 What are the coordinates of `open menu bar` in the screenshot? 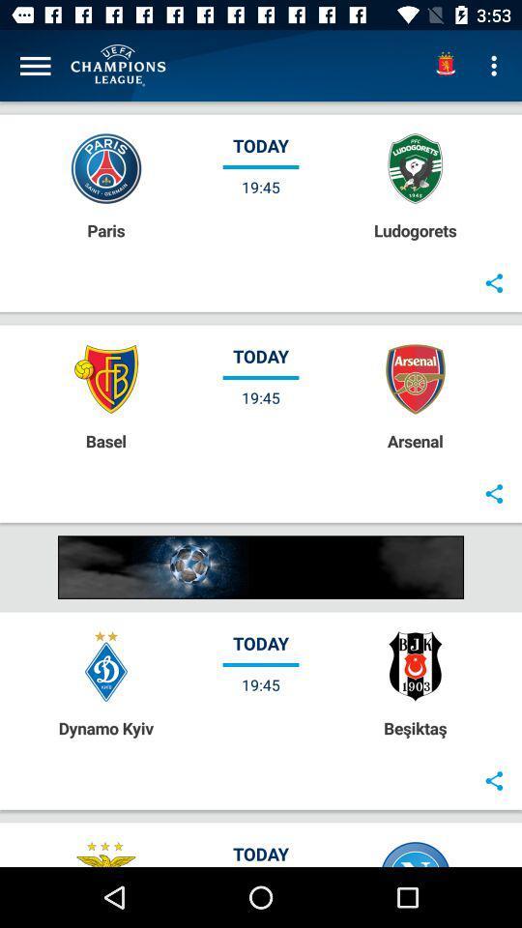 It's located at (35, 66).